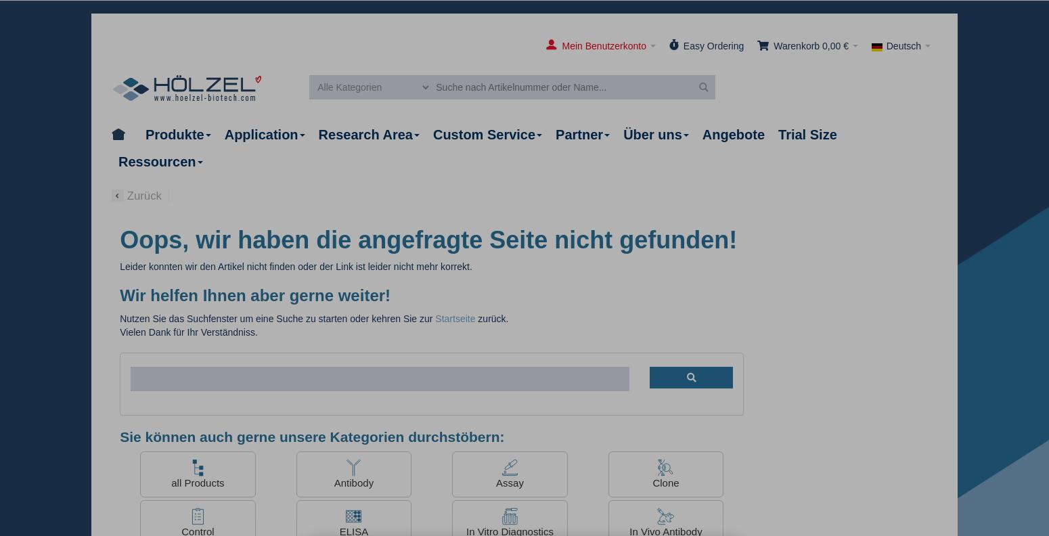 This screenshot has width=1049, height=536. Describe the element at coordinates (797, 46) in the screenshot. I see `'Warenkorb'` at that location.